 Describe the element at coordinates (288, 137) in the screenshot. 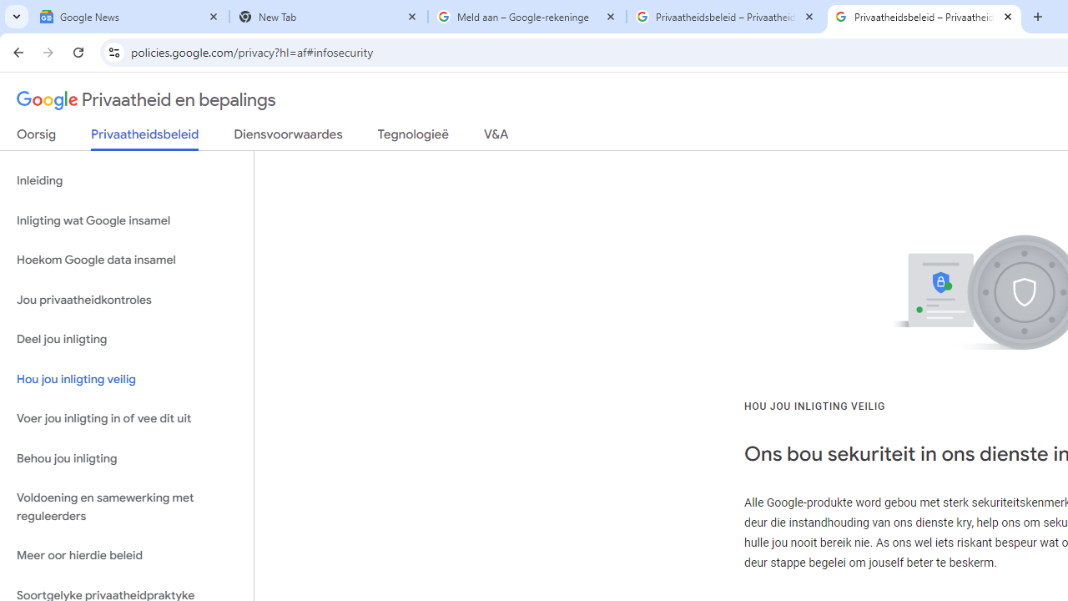

I see `'Diensvoorwaardes'` at that location.